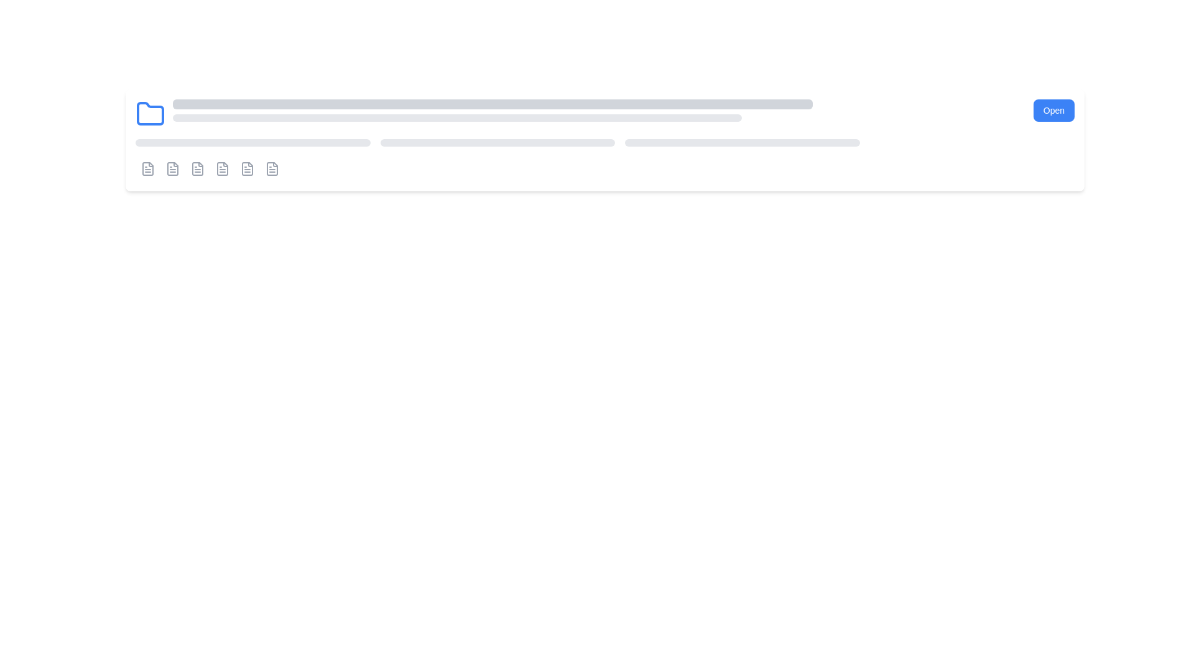  What do you see at coordinates (599, 109) in the screenshot?
I see `the non-interactive visual placeholder, which consists of two rectangular bars with rounded corners, the upper one being a light gray wider rectangle and the lower one a darker gray narrower rectangle` at bounding box center [599, 109].